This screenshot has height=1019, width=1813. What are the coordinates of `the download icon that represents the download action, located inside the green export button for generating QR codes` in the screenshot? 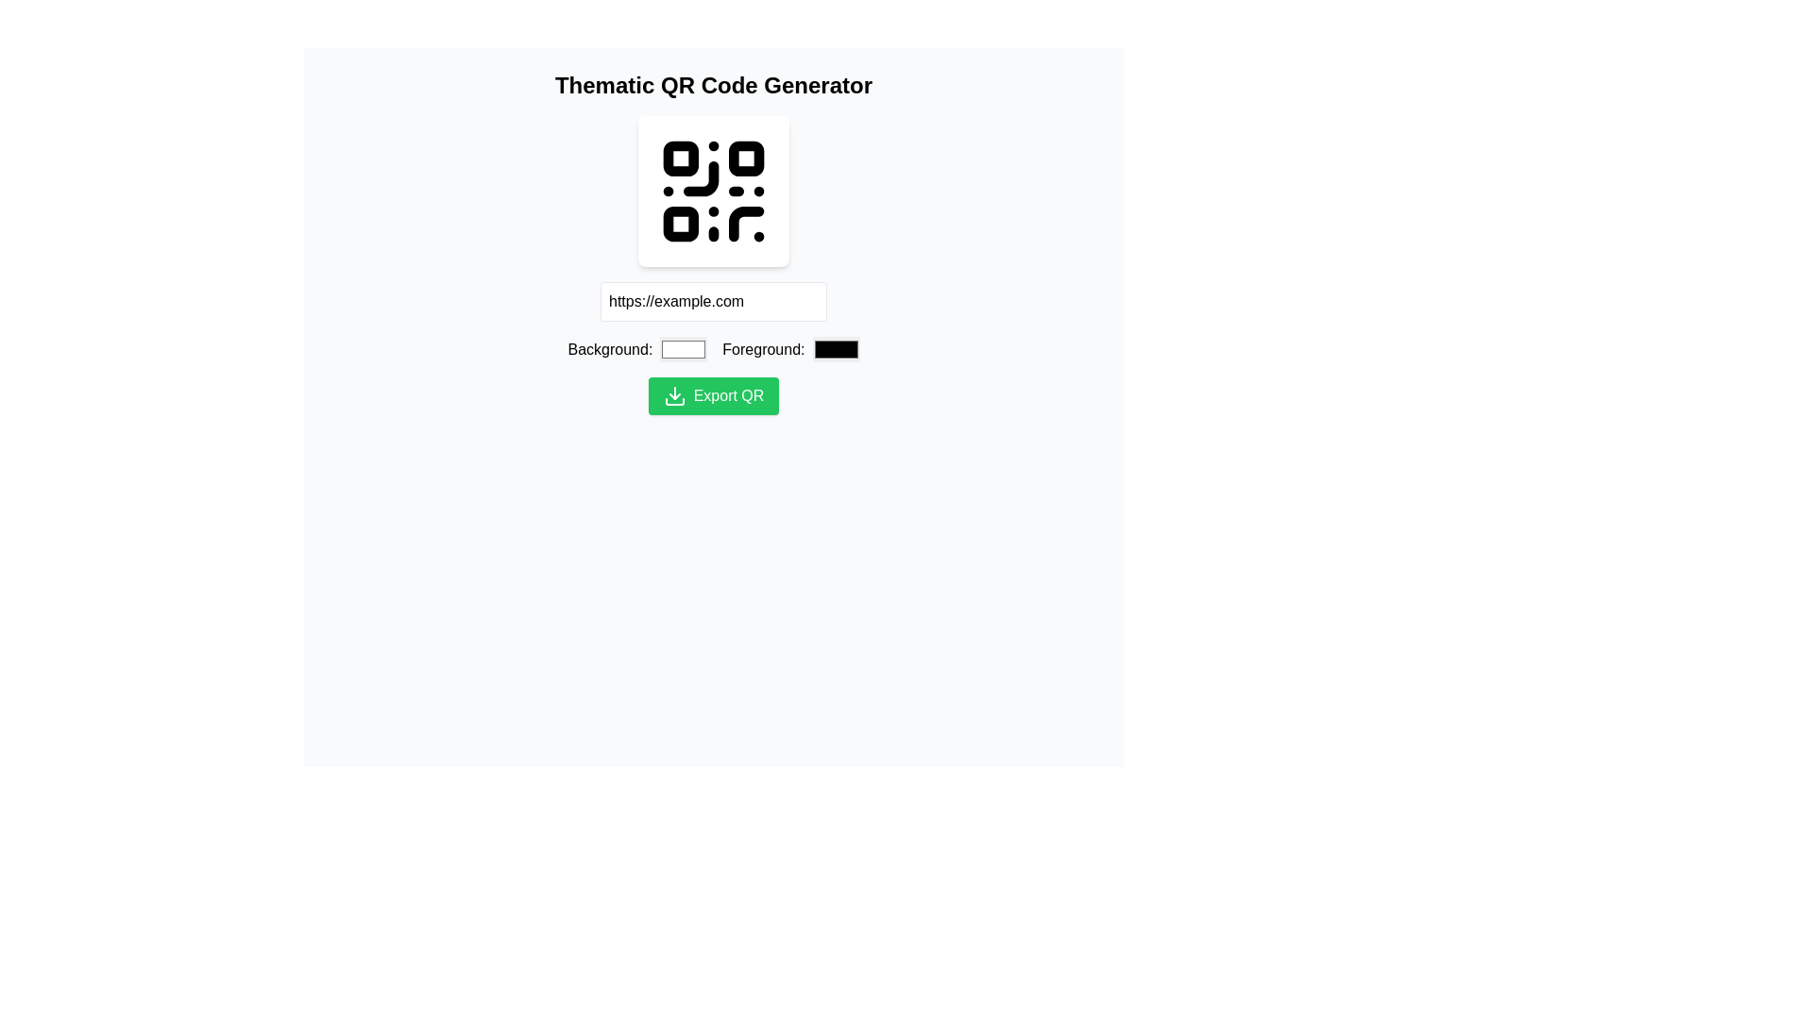 It's located at (674, 395).